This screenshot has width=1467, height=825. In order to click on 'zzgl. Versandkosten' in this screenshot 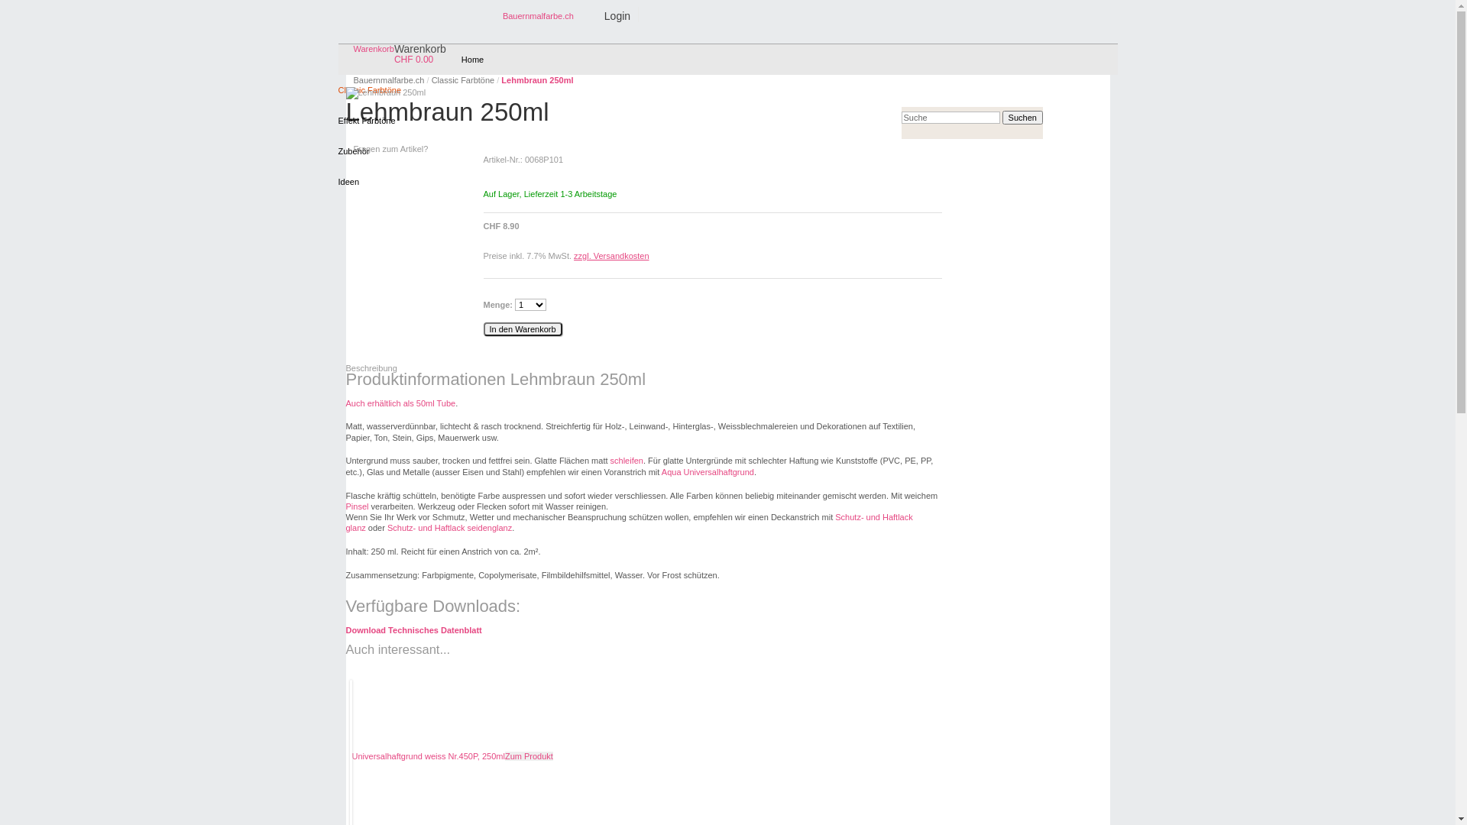, I will do `click(611, 255)`.